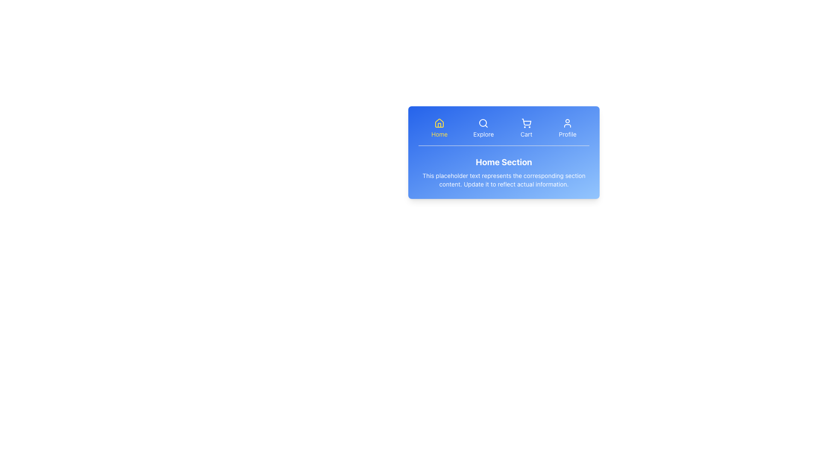 The height and width of the screenshot is (461, 820). What do you see at coordinates (439, 128) in the screenshot?
I see `the 'Home' navigation button, which features a yellow house-shaped icon and the text 'Home' beneath it` at bounding box center [439, 128].